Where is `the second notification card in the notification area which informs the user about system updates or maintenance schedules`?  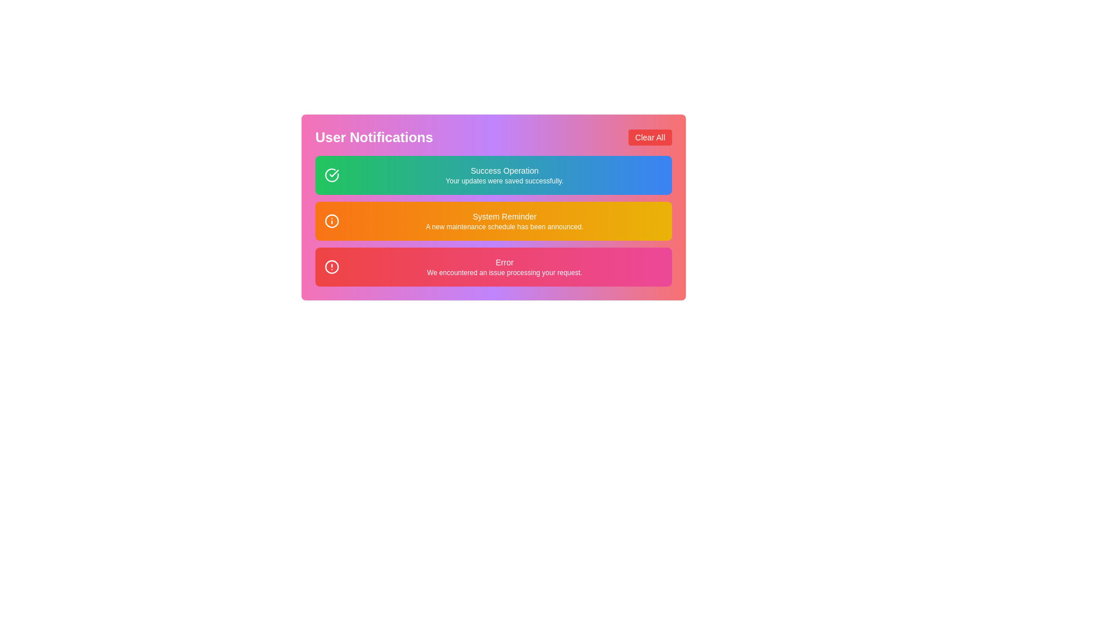 the second notification card in the notification area which informs the user about system updates or maintenance schedules is located at coordinates (493, 221).